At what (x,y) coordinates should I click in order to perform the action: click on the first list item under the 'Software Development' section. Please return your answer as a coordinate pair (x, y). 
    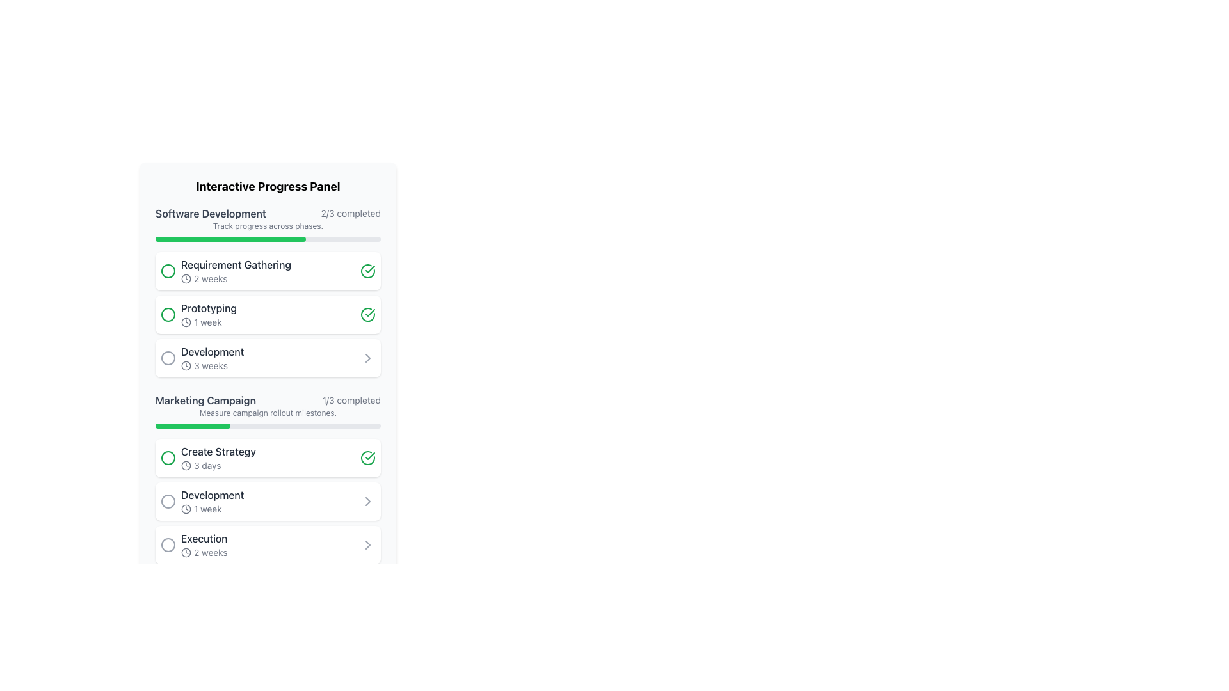
    Looking at the image, I should click on (267, 271).